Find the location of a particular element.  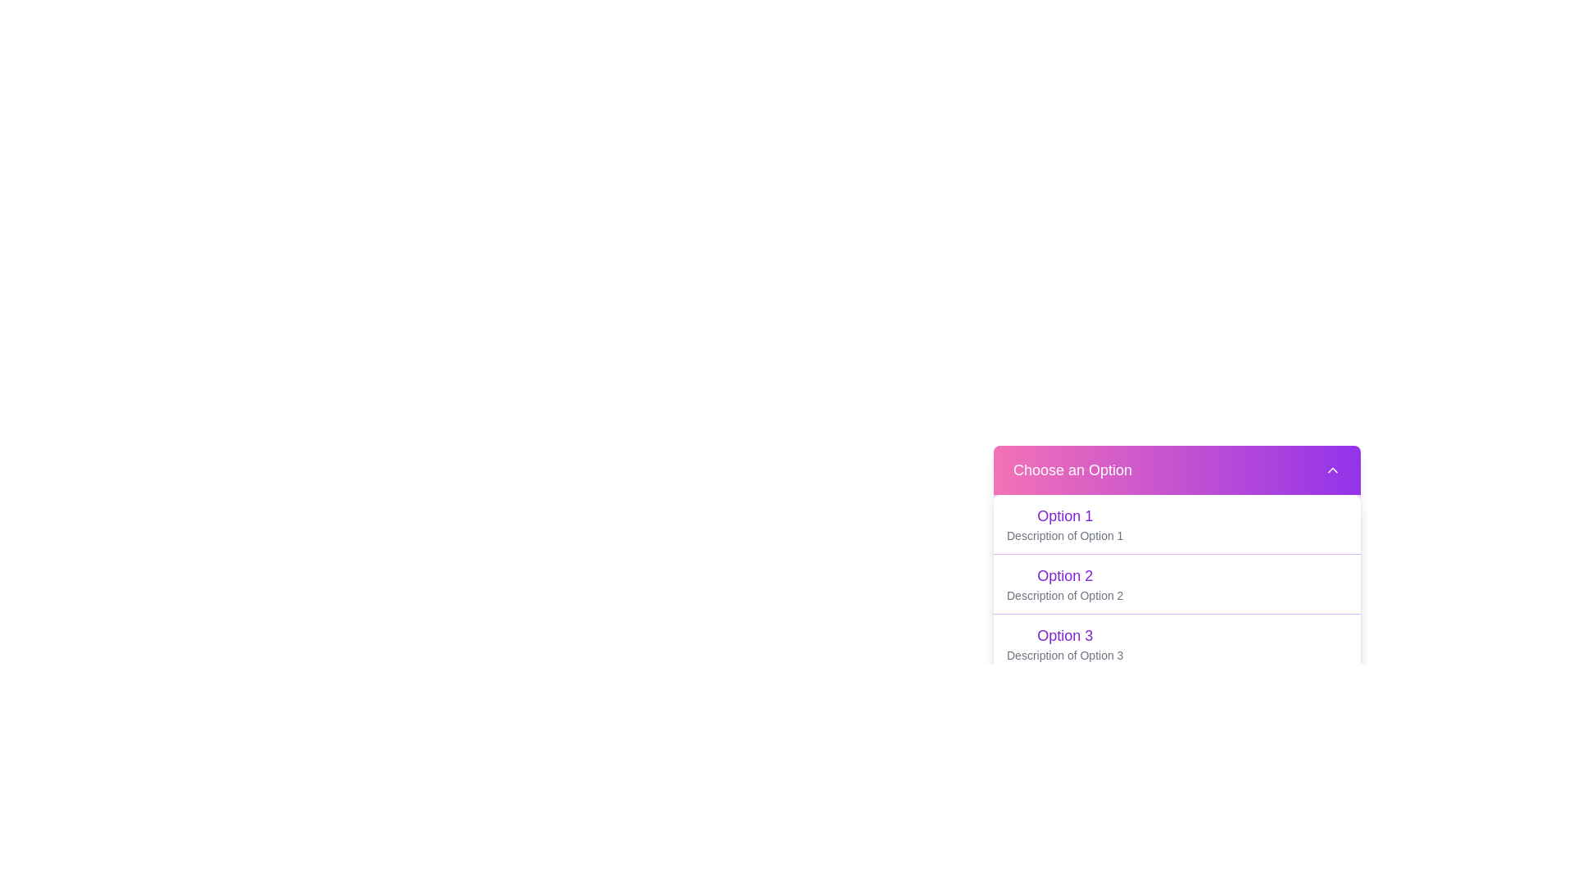

descriptive text for 'Option 2' located below its title in the dropdown list is located at coordinates (1065, 595).